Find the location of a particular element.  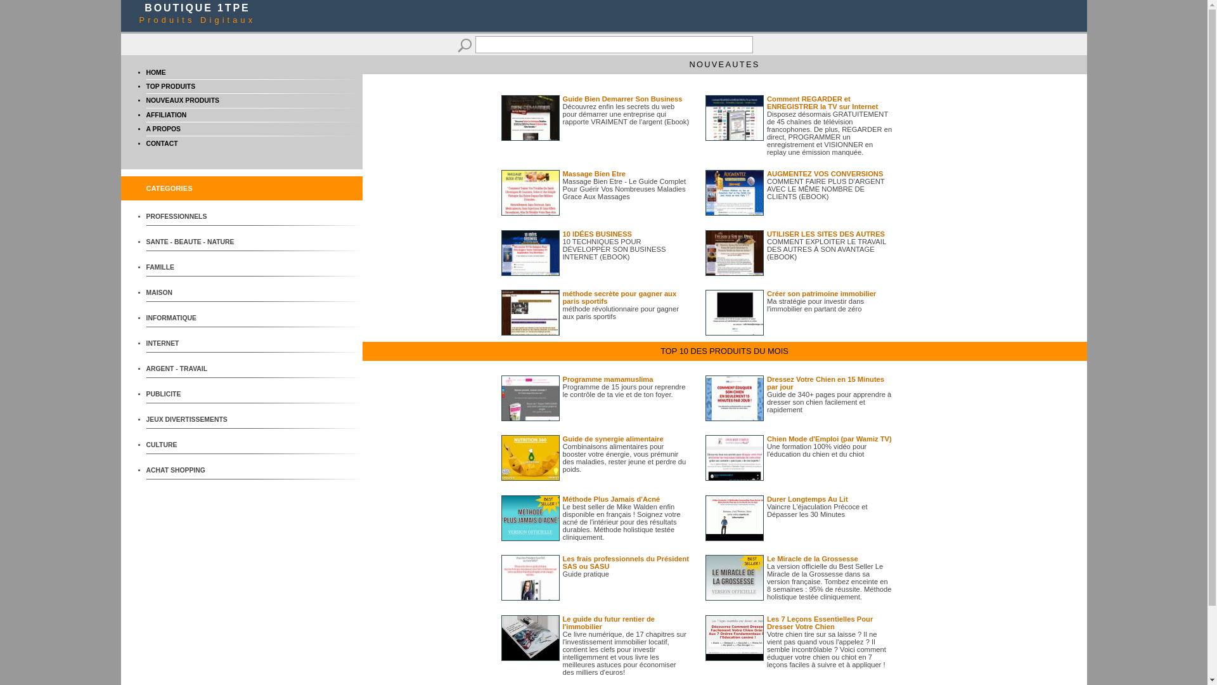

'ARGENT - TRAVAIL' is located at coordinates (146, 369).